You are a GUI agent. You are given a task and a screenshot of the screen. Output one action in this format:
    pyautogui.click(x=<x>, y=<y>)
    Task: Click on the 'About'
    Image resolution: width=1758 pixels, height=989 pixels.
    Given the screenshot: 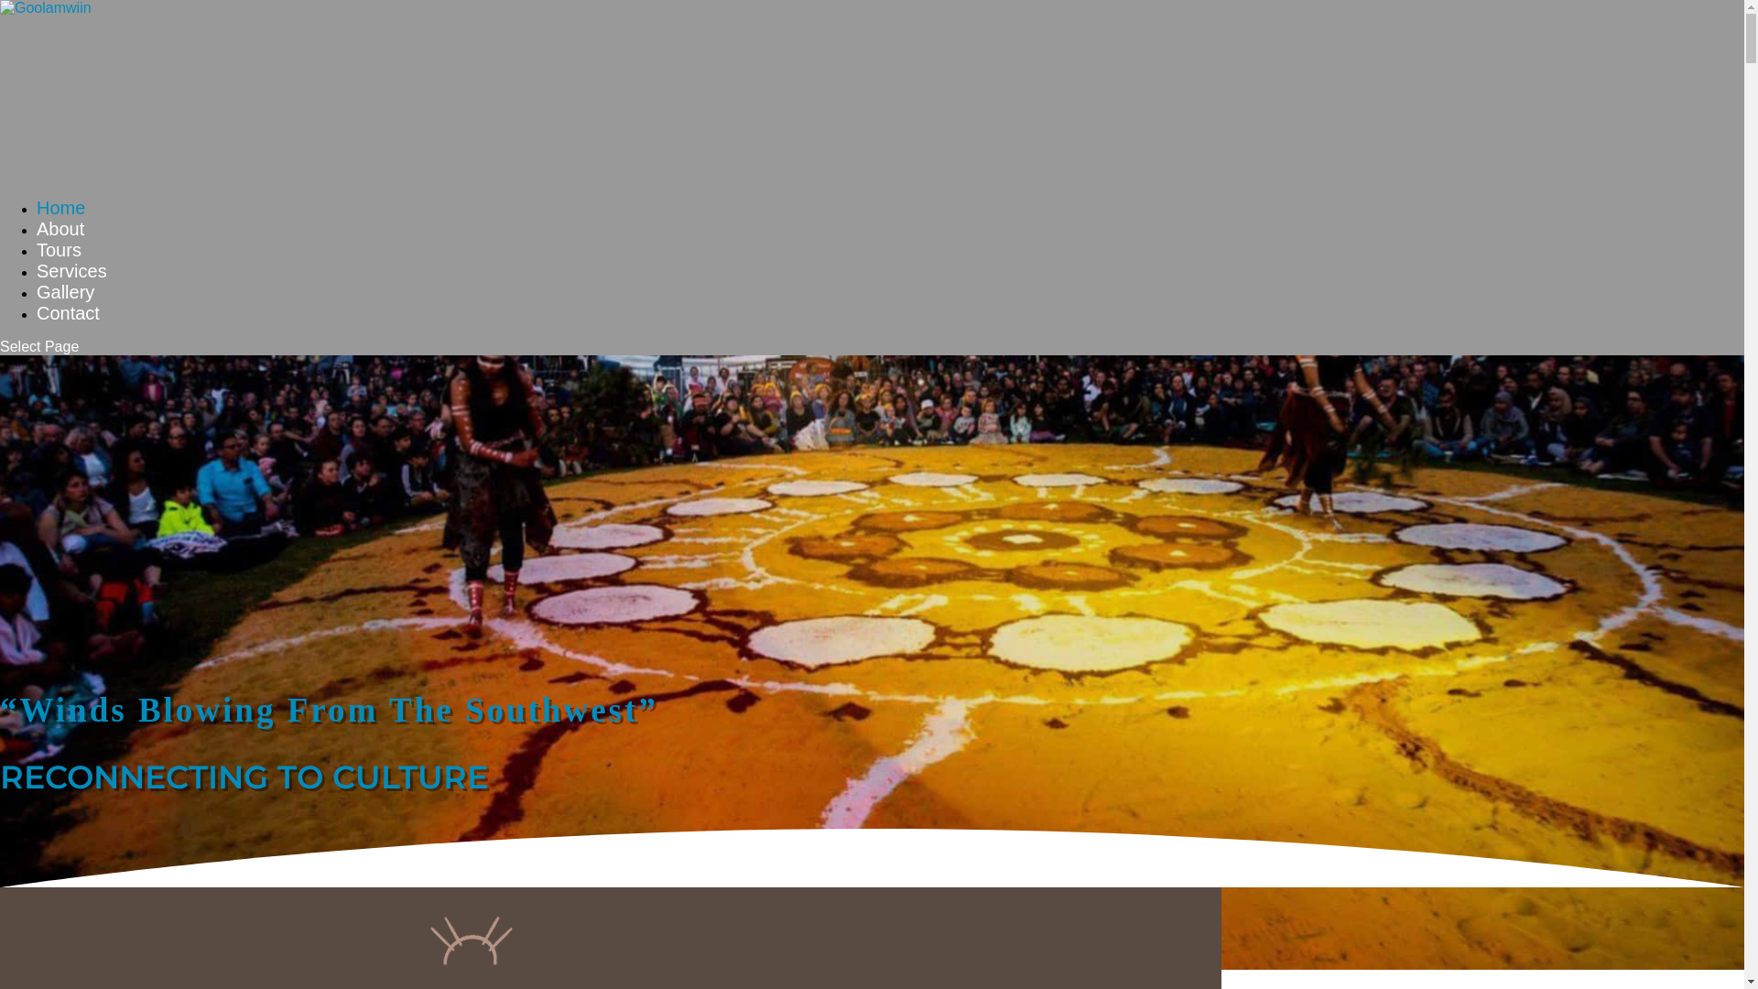 What is the action you would take?
    pyautogui.click(x=36, y=244)
    